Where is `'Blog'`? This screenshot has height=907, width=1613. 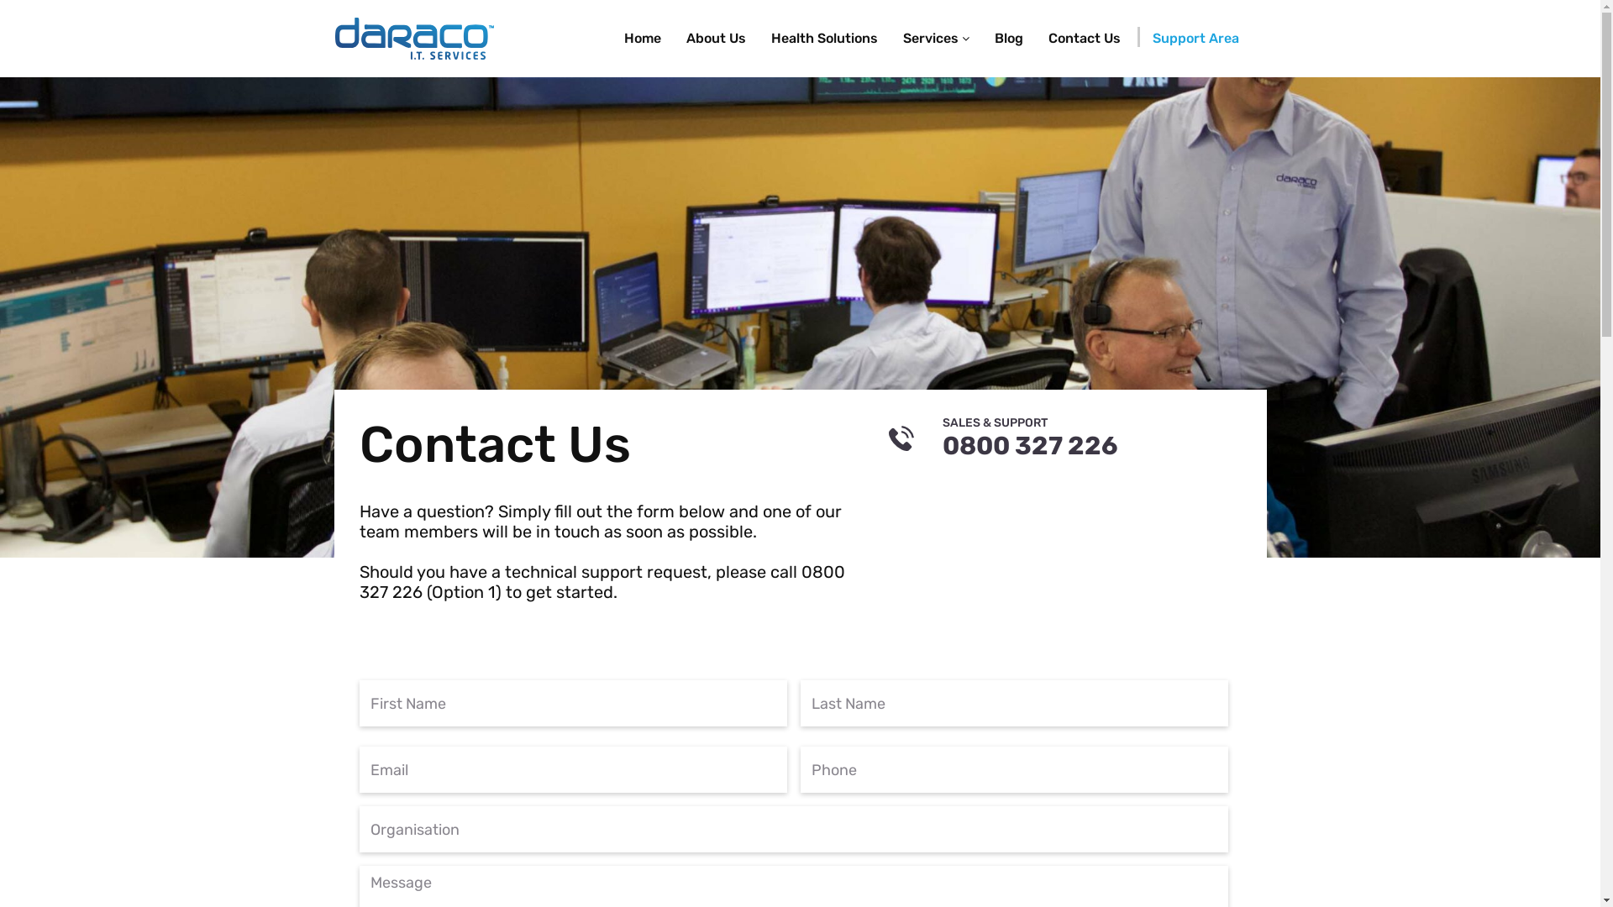 'Blog' is located at coordinates (1008, 38).